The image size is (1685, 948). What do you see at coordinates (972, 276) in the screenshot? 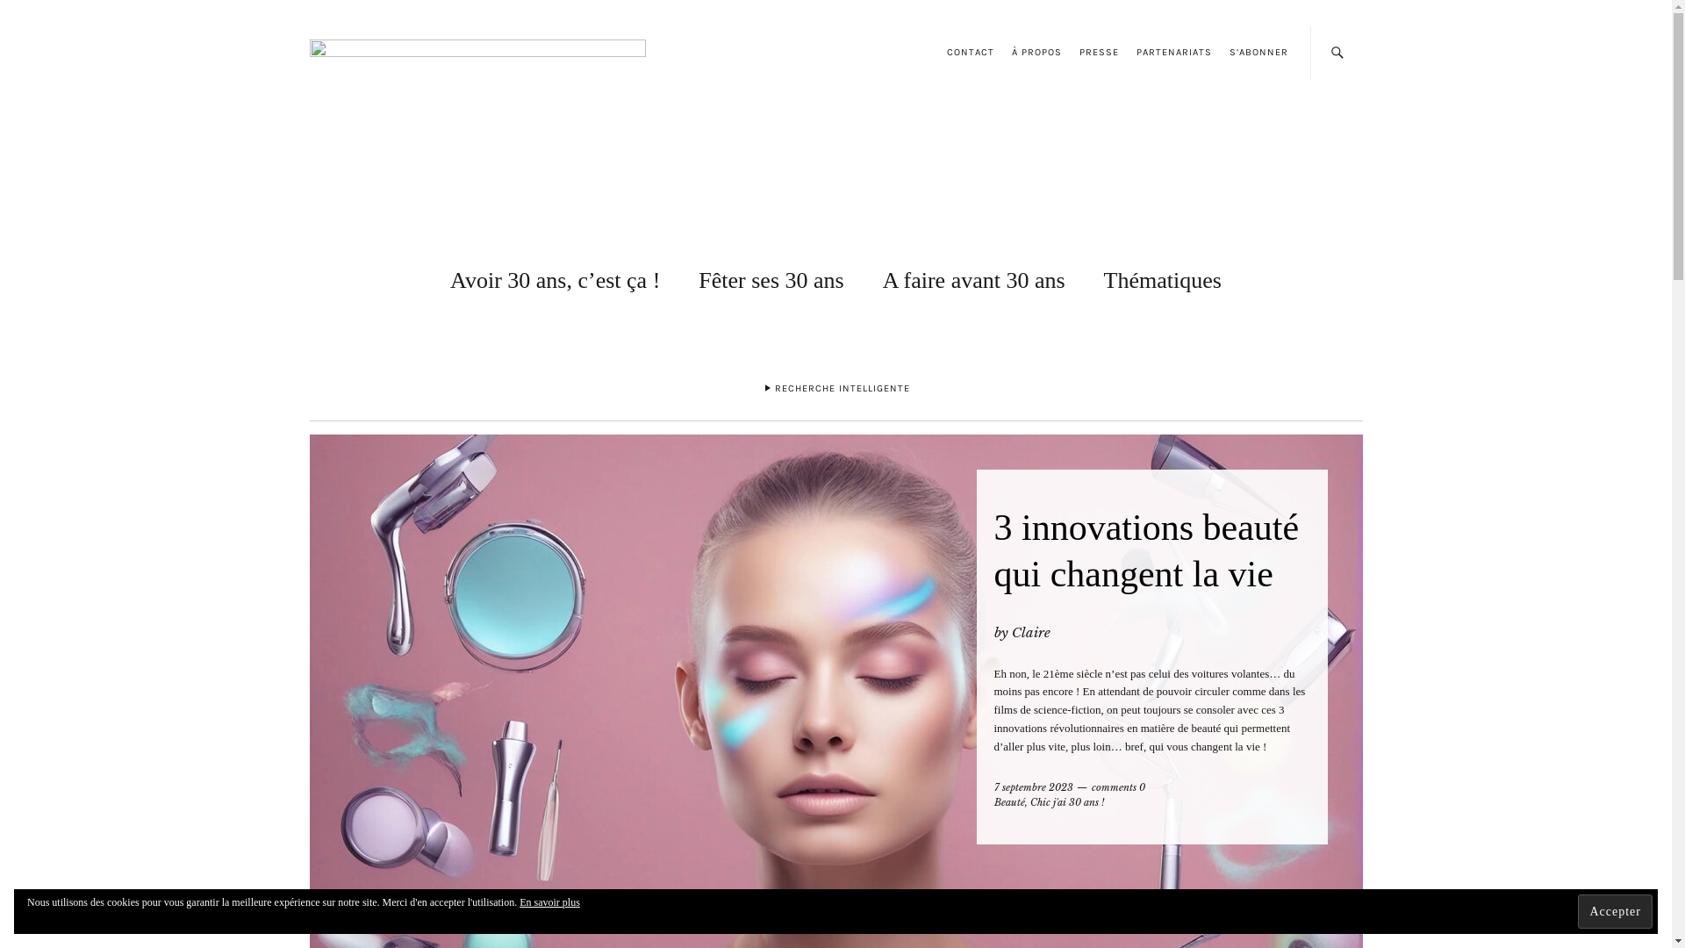
I see `'A faire avant 30 ans'` at bounding box center [972, 276].